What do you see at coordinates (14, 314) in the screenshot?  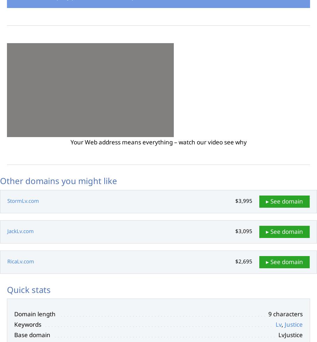 I see `'Domain length'` at bounding box center [14, 314].